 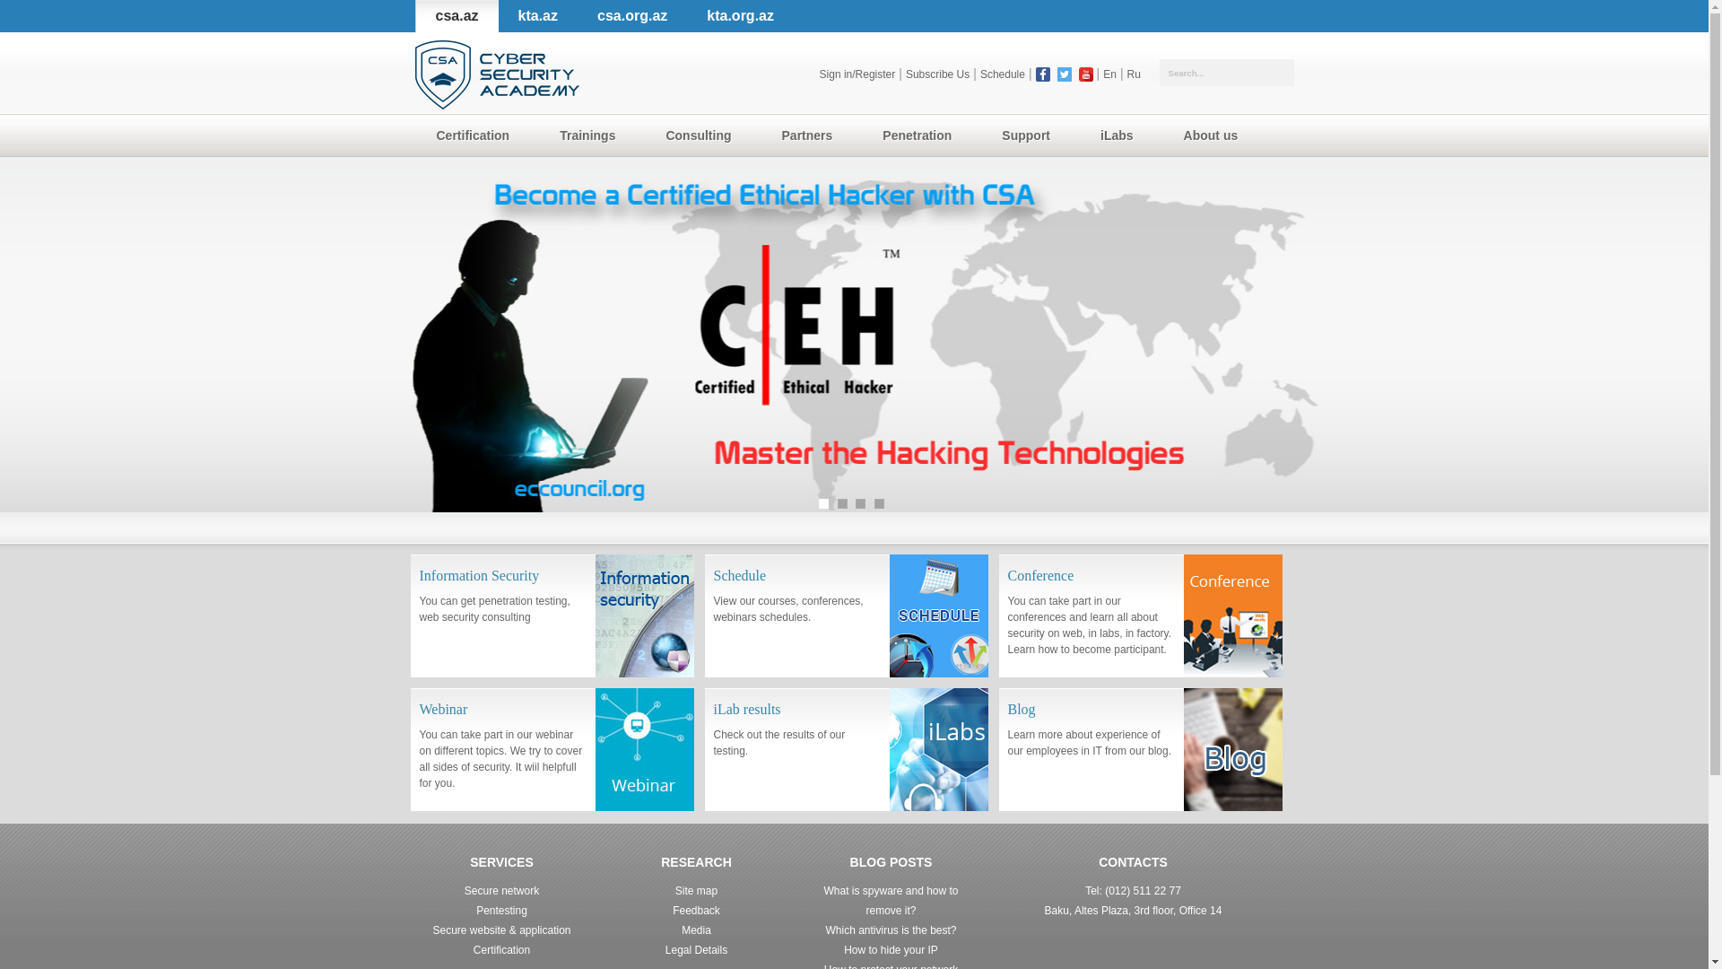 I want to click on 'Support', so click(x=1029, y=135).